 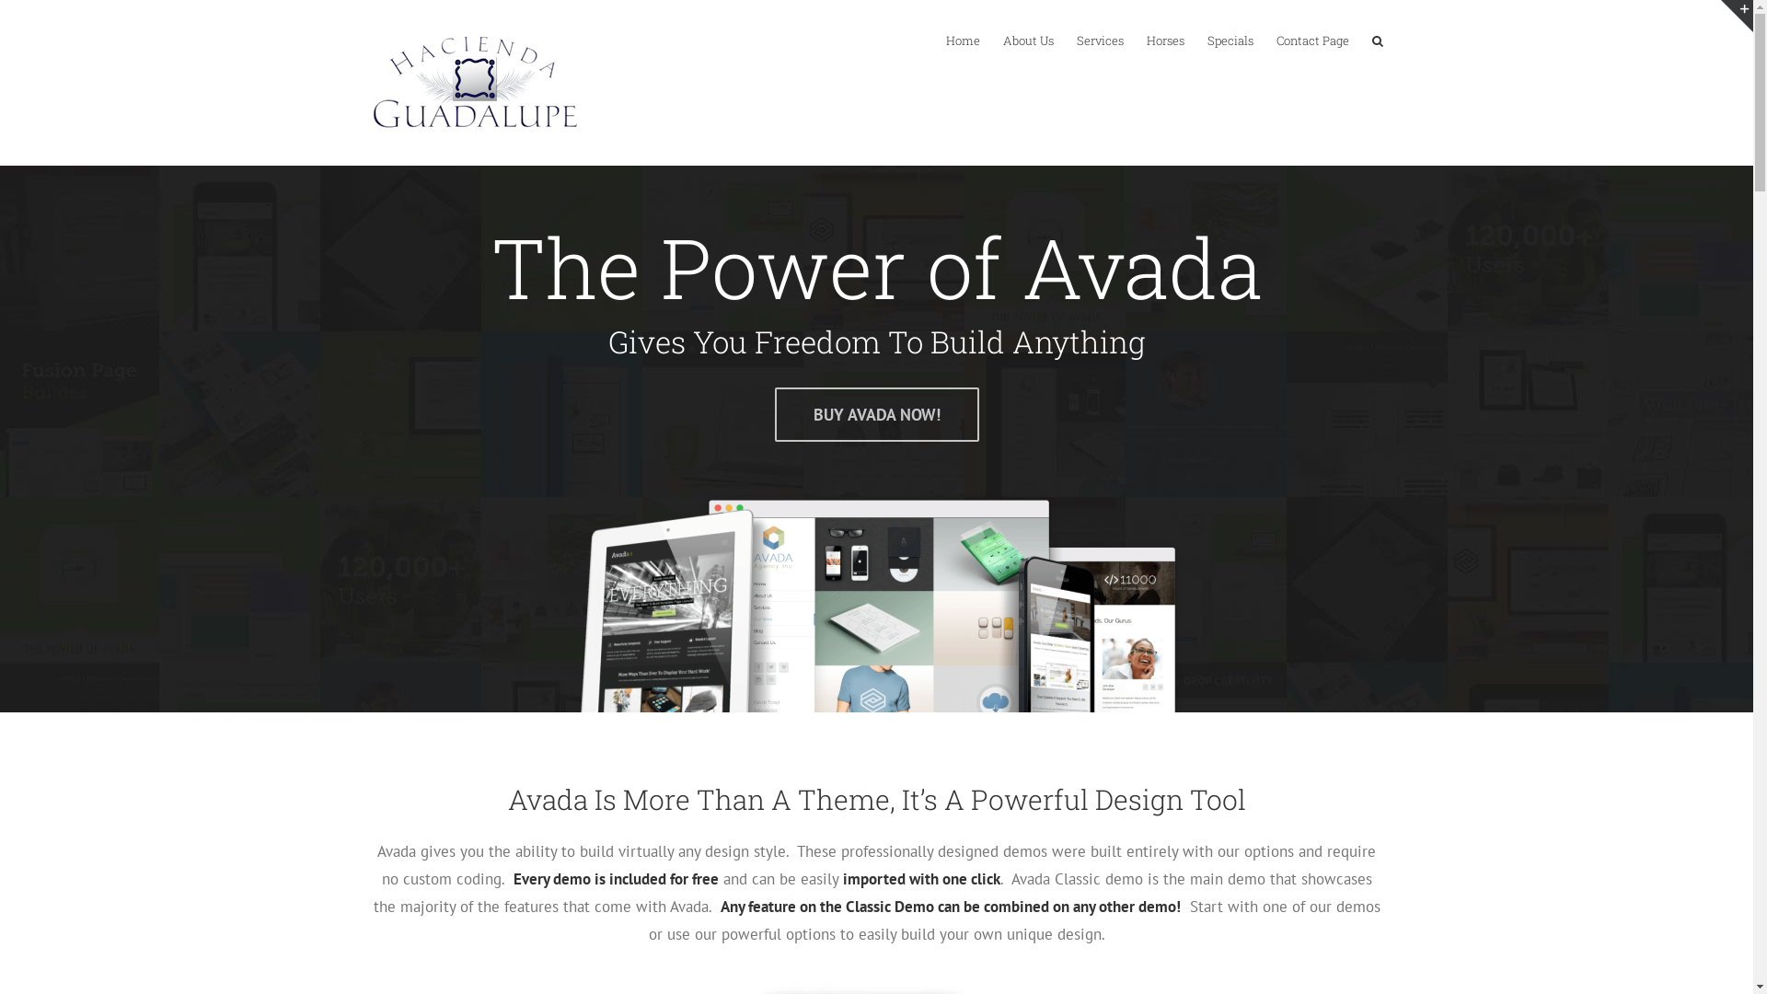 I want to click on 'Home', so click(x=962, y=39).